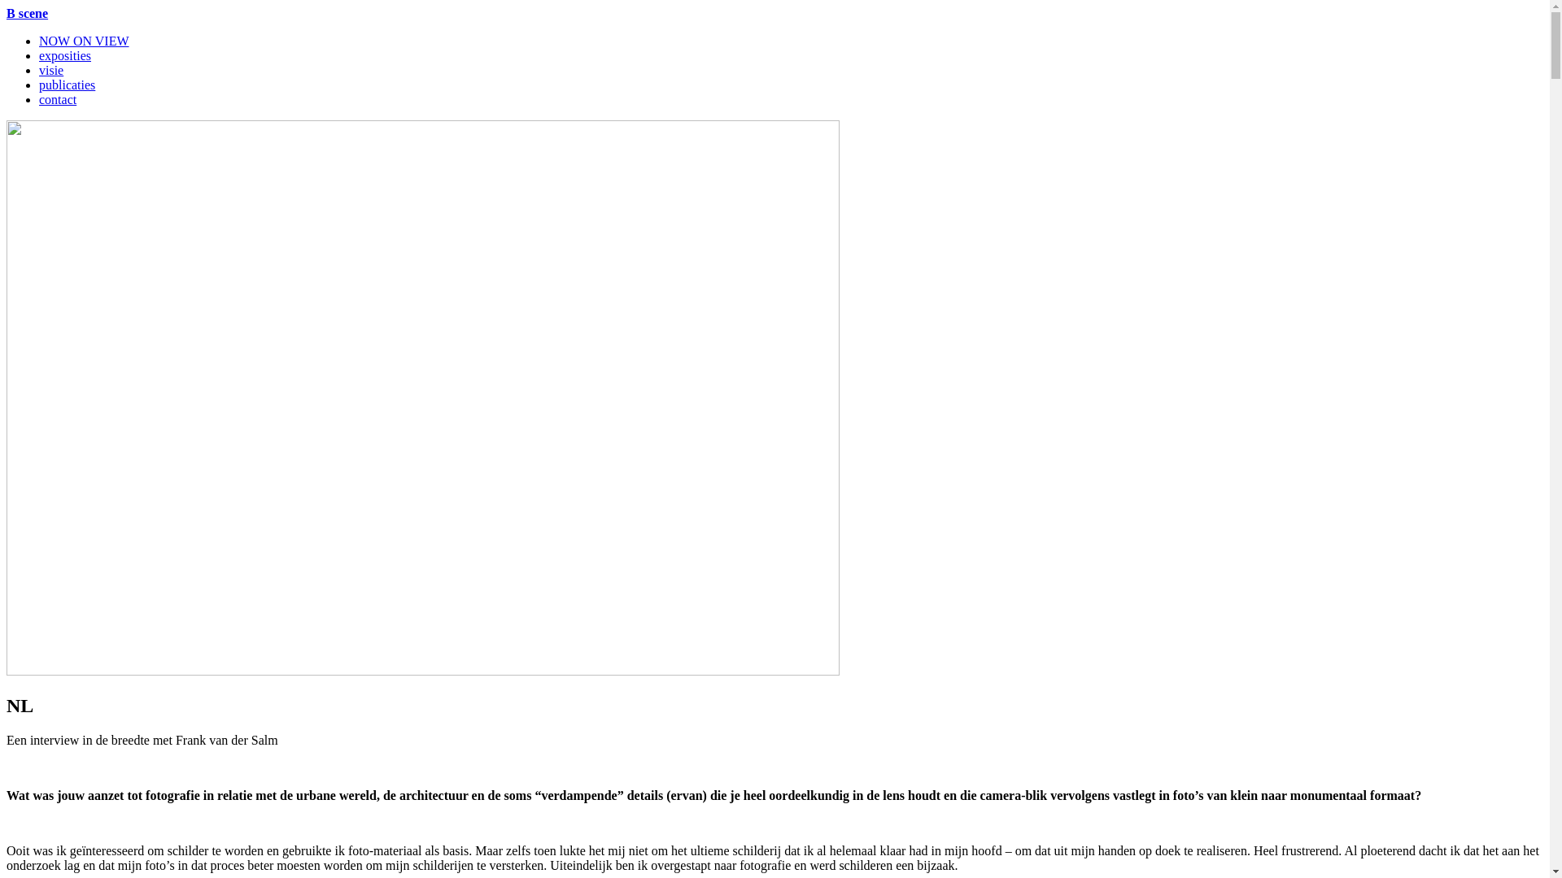 This screenshot has width=1562, height=878. What do you see at coordinates (39, 40) in the screenshot?
I see `'NOW ON VIEW'` at bounding box center [39, 40].